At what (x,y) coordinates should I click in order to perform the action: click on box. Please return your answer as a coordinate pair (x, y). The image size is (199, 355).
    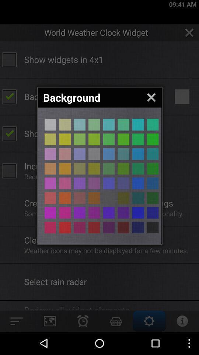
    Looking at the image, I should click on (152, 153).